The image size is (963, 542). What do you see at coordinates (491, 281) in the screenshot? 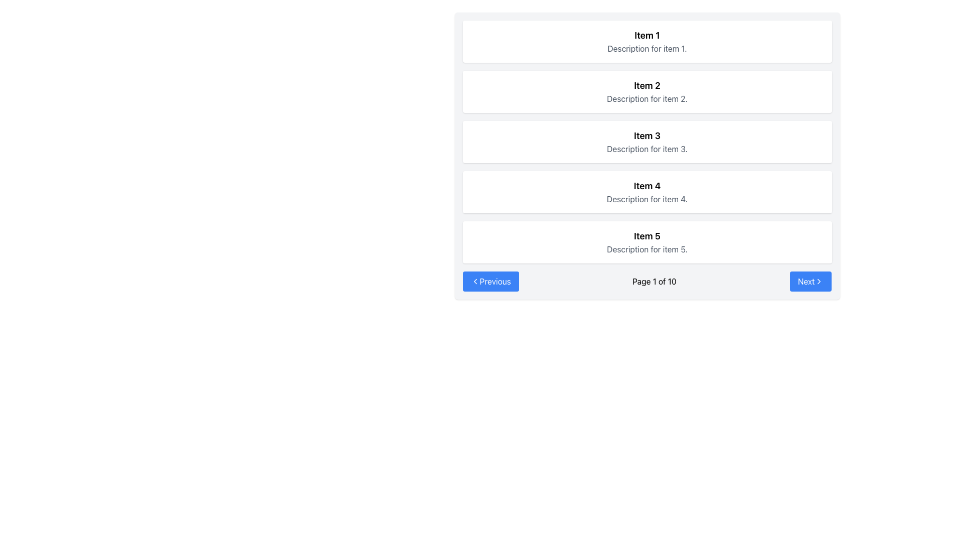
I see `the navigation button located at the bottom-left of the navigation group to go to the previous page` at bounding box center [491, 281].